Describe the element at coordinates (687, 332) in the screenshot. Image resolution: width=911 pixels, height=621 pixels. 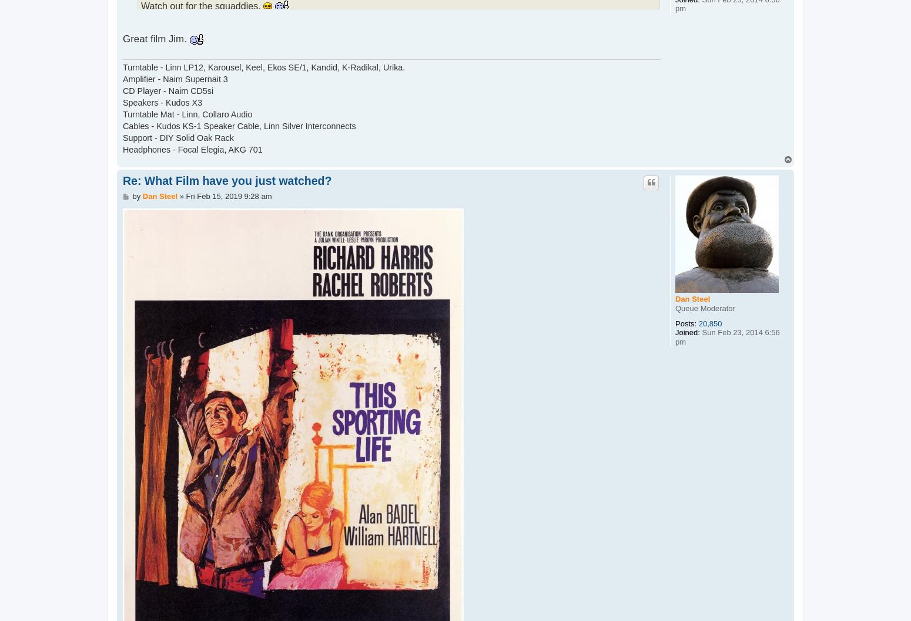
I see `'Joined:'` at that location.